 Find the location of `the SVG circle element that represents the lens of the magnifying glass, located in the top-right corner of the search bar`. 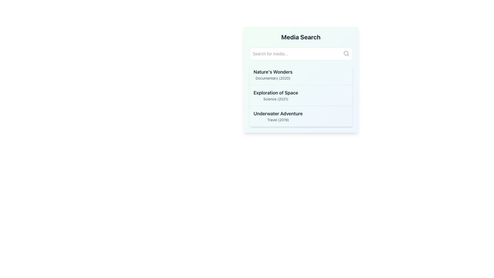

the SVG circle element that represents the lens of the magnifying glass, located in the top-right corner of the search bar is located at coordinates (346, 53).